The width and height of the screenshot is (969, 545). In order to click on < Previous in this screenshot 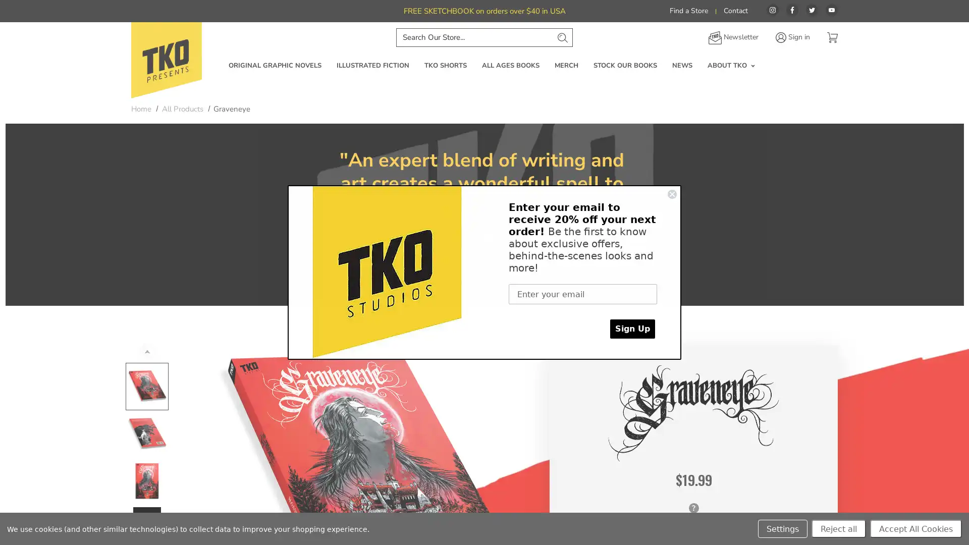, I will do `click(146, 350)`.